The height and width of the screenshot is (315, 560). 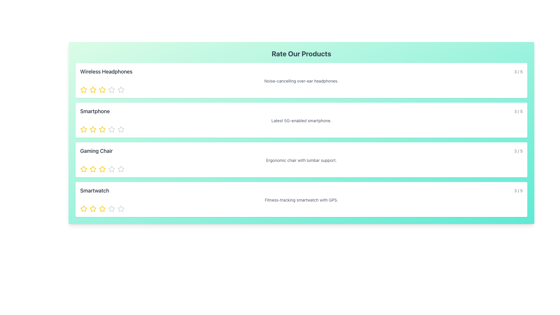 What do you see at coordinates (301, 54) in the screenshot?
I see `the Heading element at the top of the panel with a gradient green background, which serves as the title for the section` at bounding box center [301, 54].